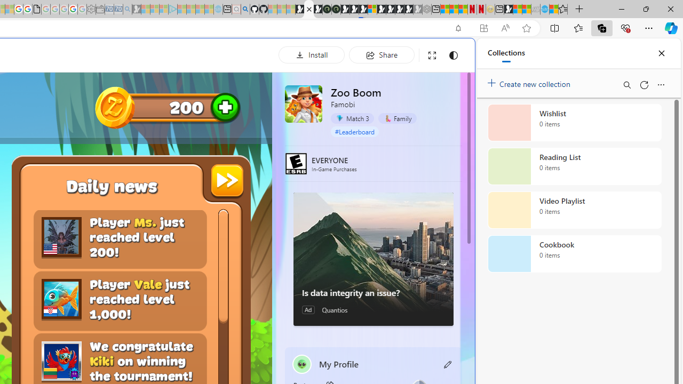 The width and height of the screenshot is (683, 384). Describe the element at coordinates (526, 9) in the screenshot. I see `'Earth has six continents not seven, radical new study claims'` at that location.